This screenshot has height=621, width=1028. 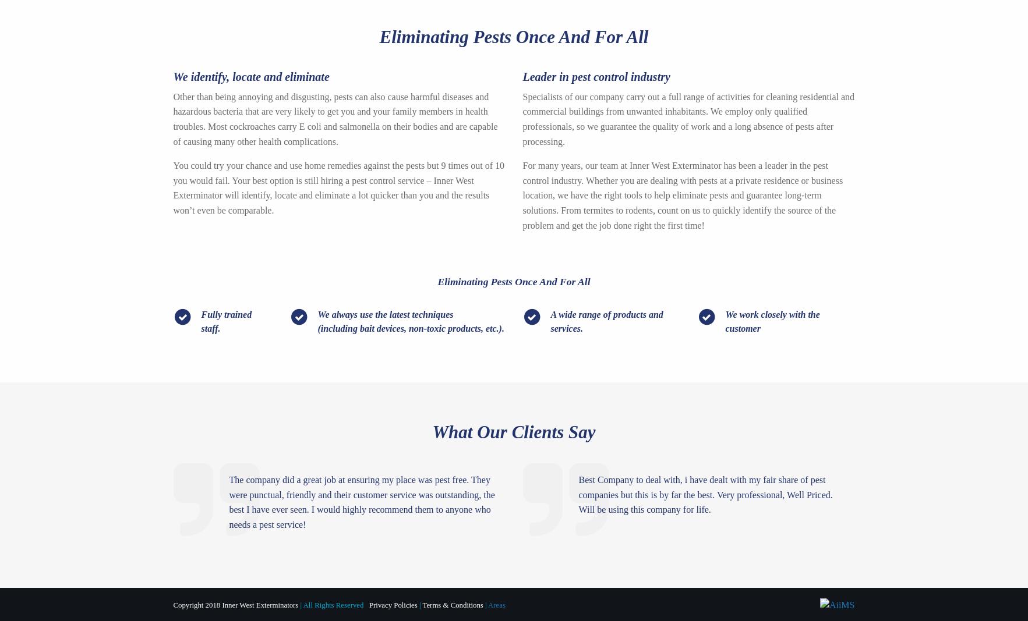 I want to click on 'Specialists of our company carry out a full range of activities for cleaning residential and commercial buildings from unwanted inhabitants. We employ only qualified professionals, so we guarantee the quality of work and a long absence of pests after processing.', so click(x=688, y=119).